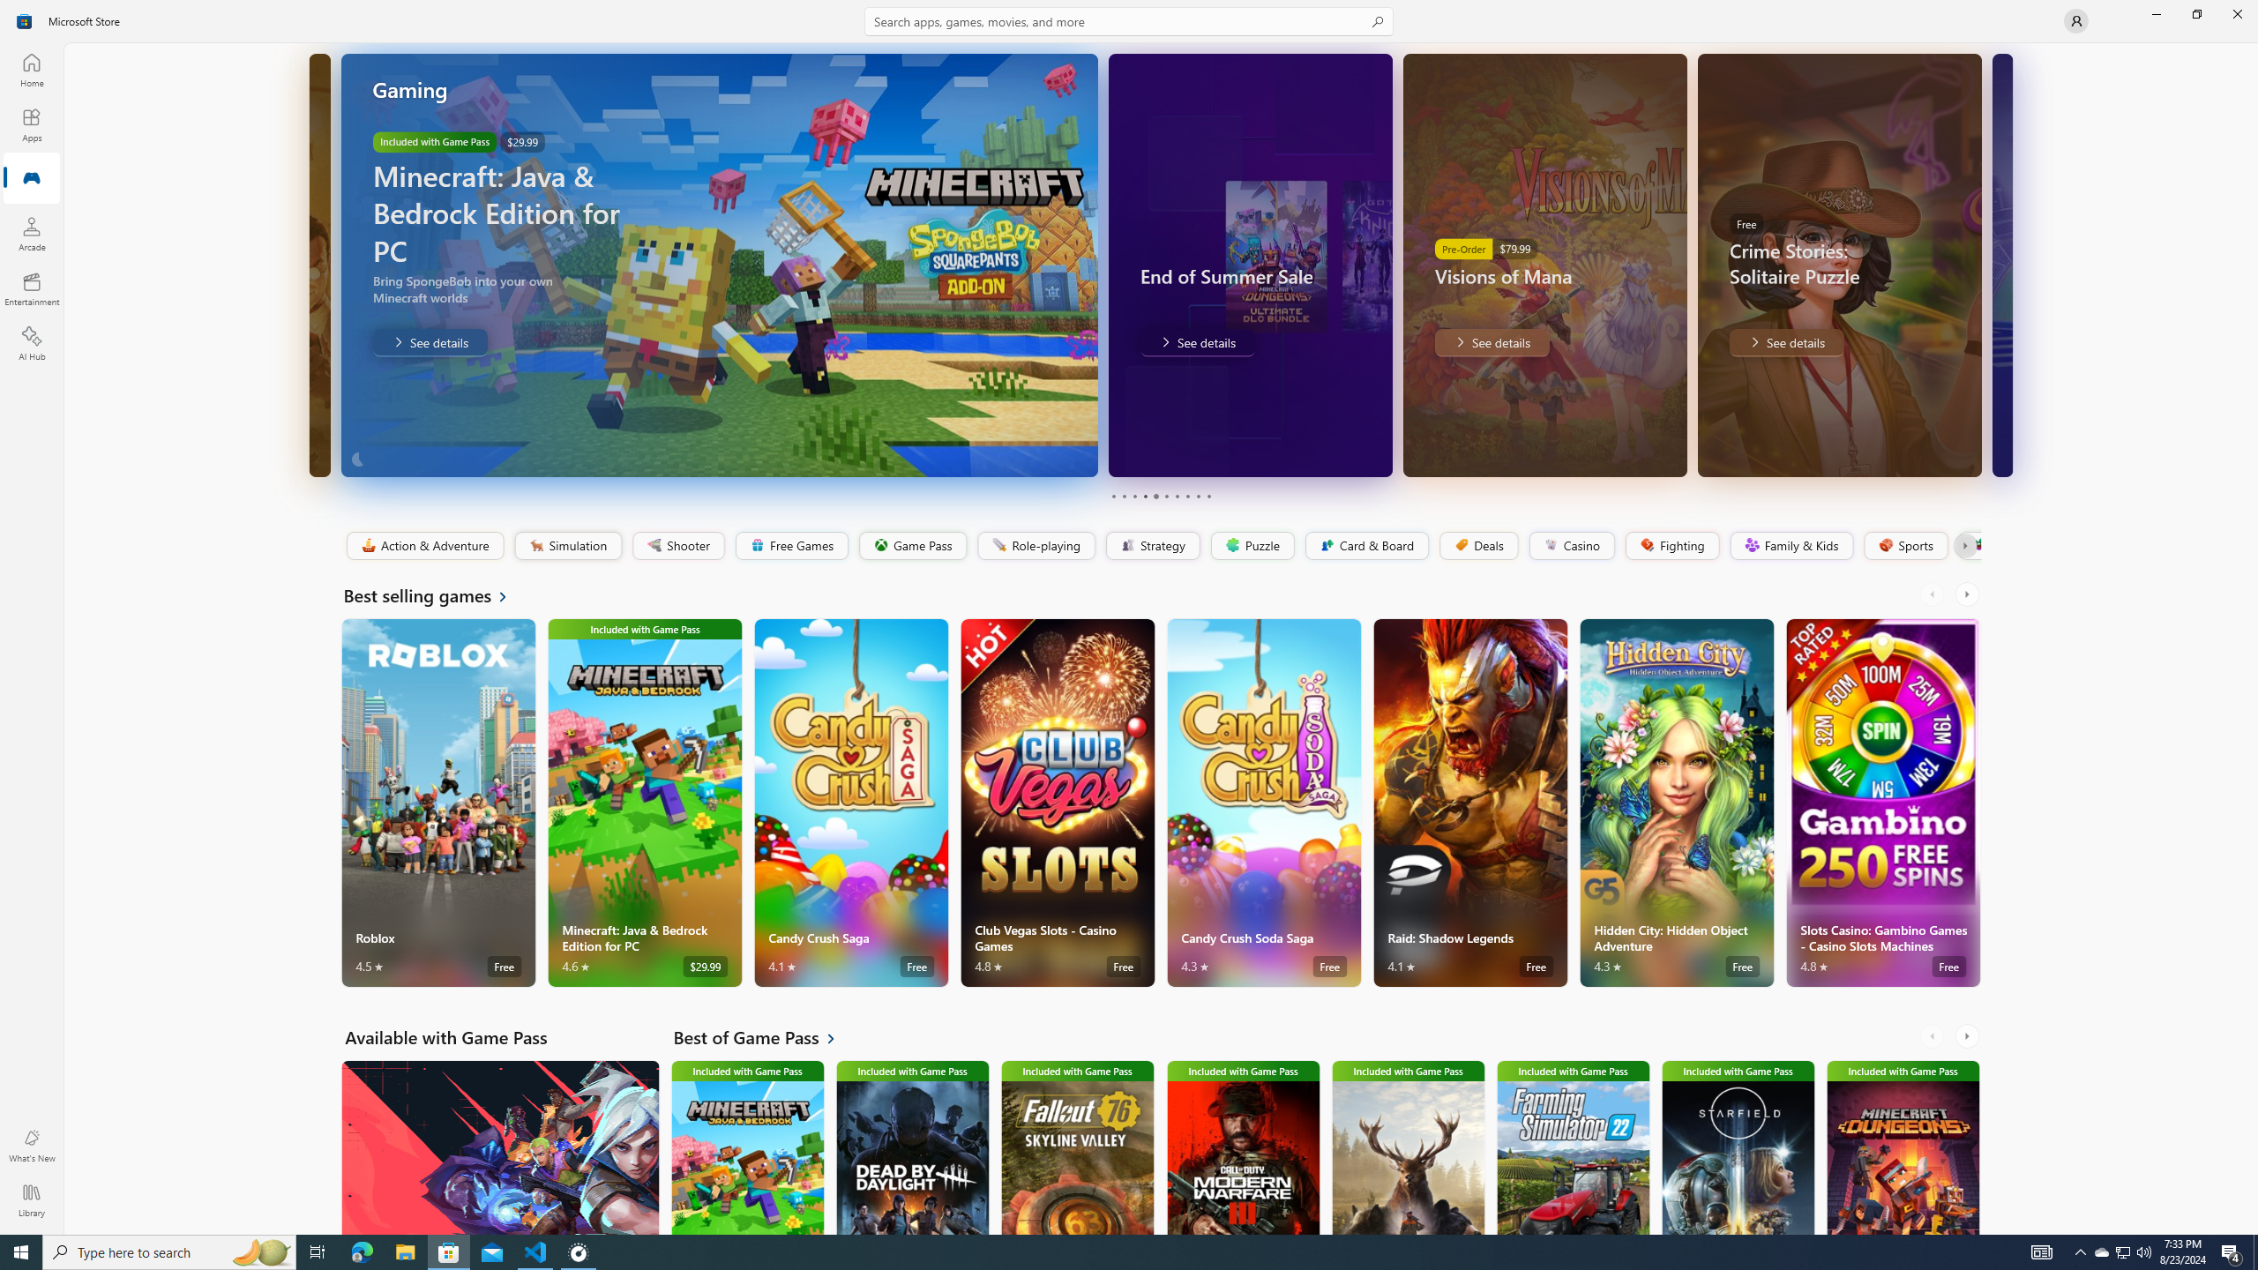 This screenshot has height=1270, width=2258. I want to click on 'Page 8', so click(1186, 496).